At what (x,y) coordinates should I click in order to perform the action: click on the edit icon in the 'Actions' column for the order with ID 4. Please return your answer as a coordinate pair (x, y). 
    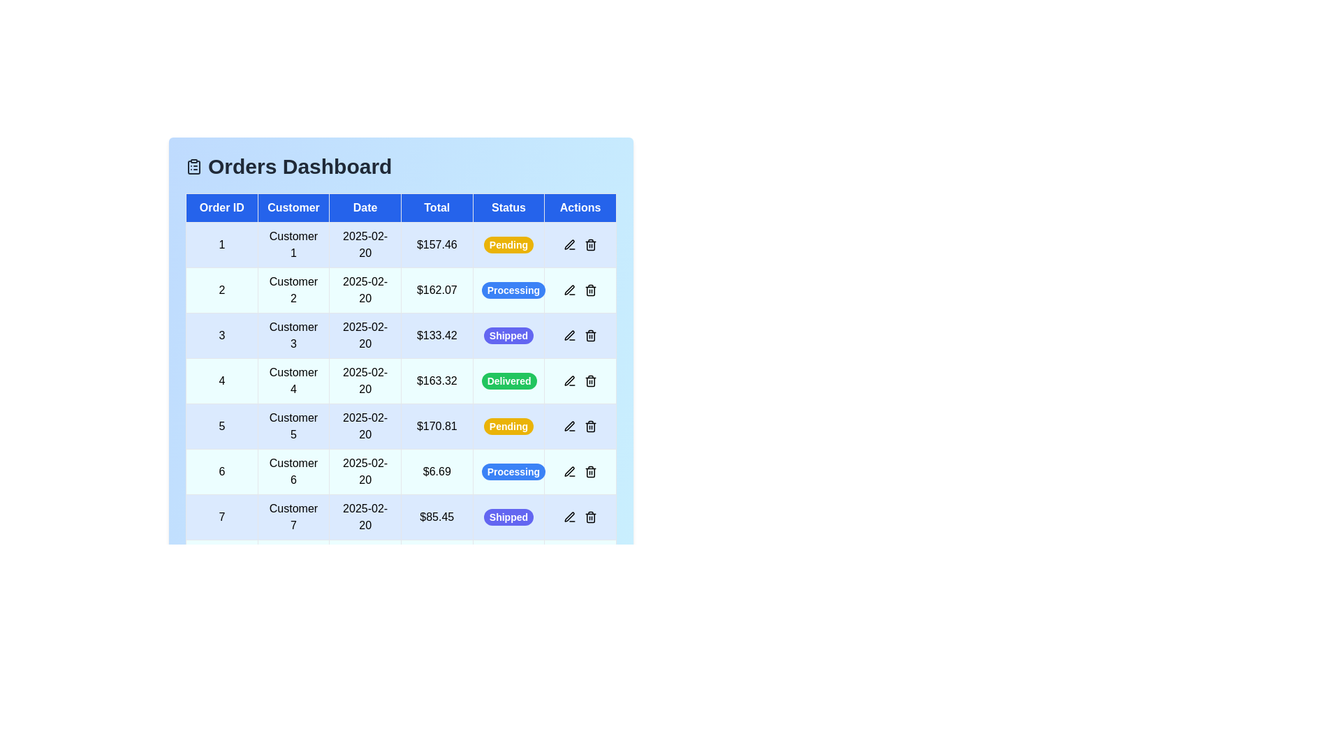
    Looking at the image, I should click on (570, 381).